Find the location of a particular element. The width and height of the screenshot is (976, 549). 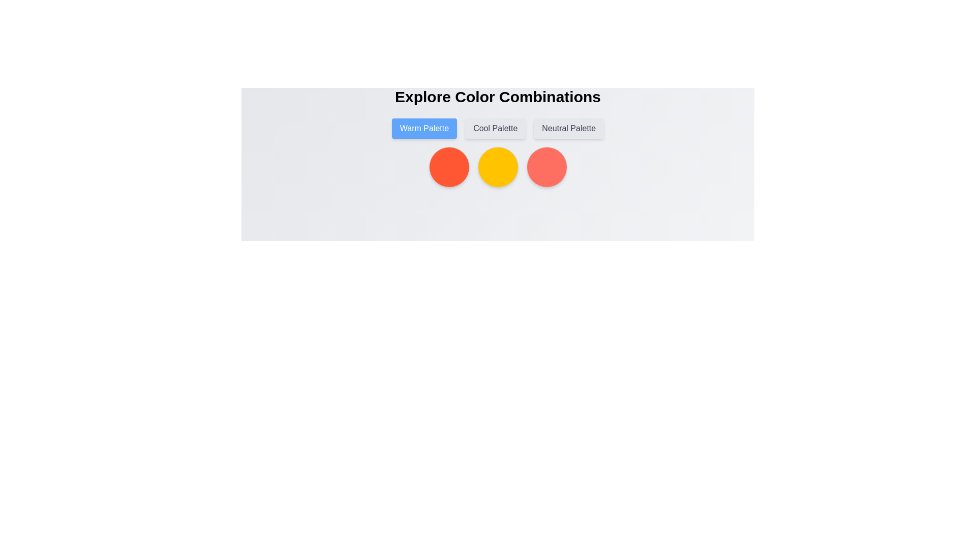

the first button on the left labeled 'Warm Palette' under the title 'Explore Color Combinations' is located at coordinates (424, 128).